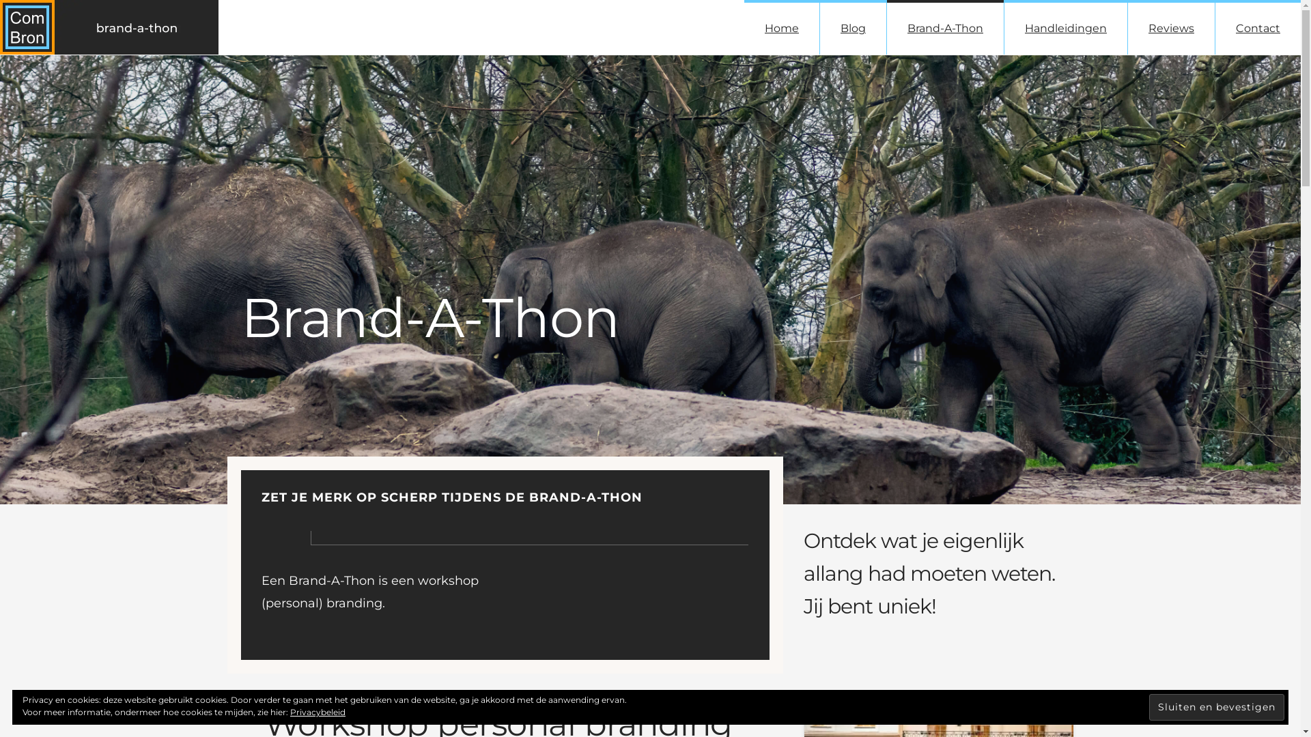 Image resolution: width=1311 pixels, height=737 pixels. I want to click on 'HOW-TO DAVINCI RESOLVE', so click(453, 607).